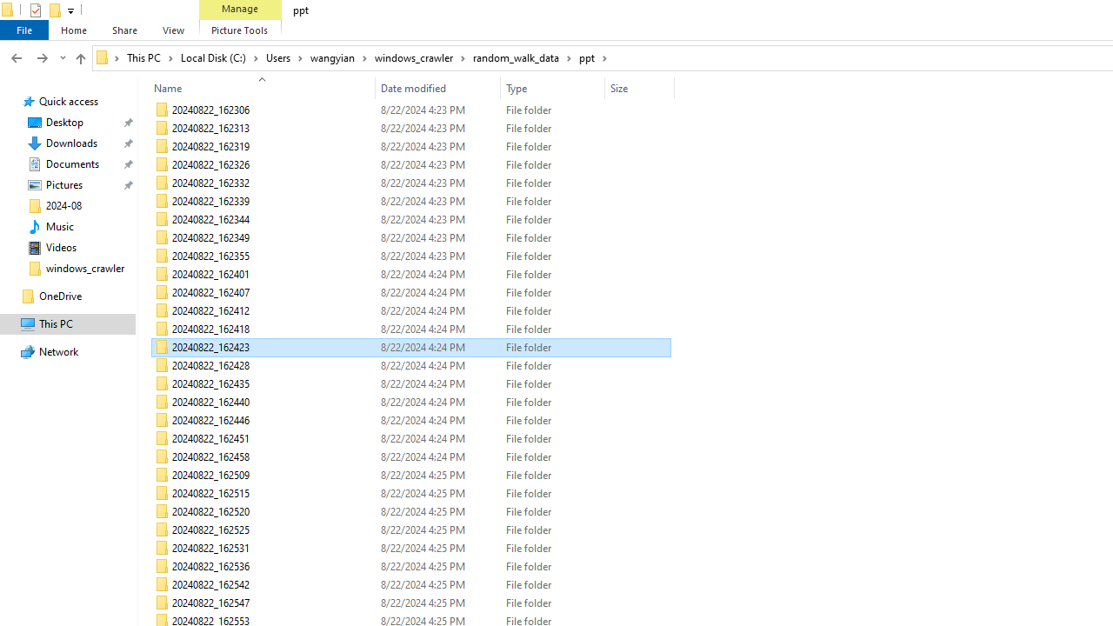  I want to click on '20240822_162547', so click(410, 603).